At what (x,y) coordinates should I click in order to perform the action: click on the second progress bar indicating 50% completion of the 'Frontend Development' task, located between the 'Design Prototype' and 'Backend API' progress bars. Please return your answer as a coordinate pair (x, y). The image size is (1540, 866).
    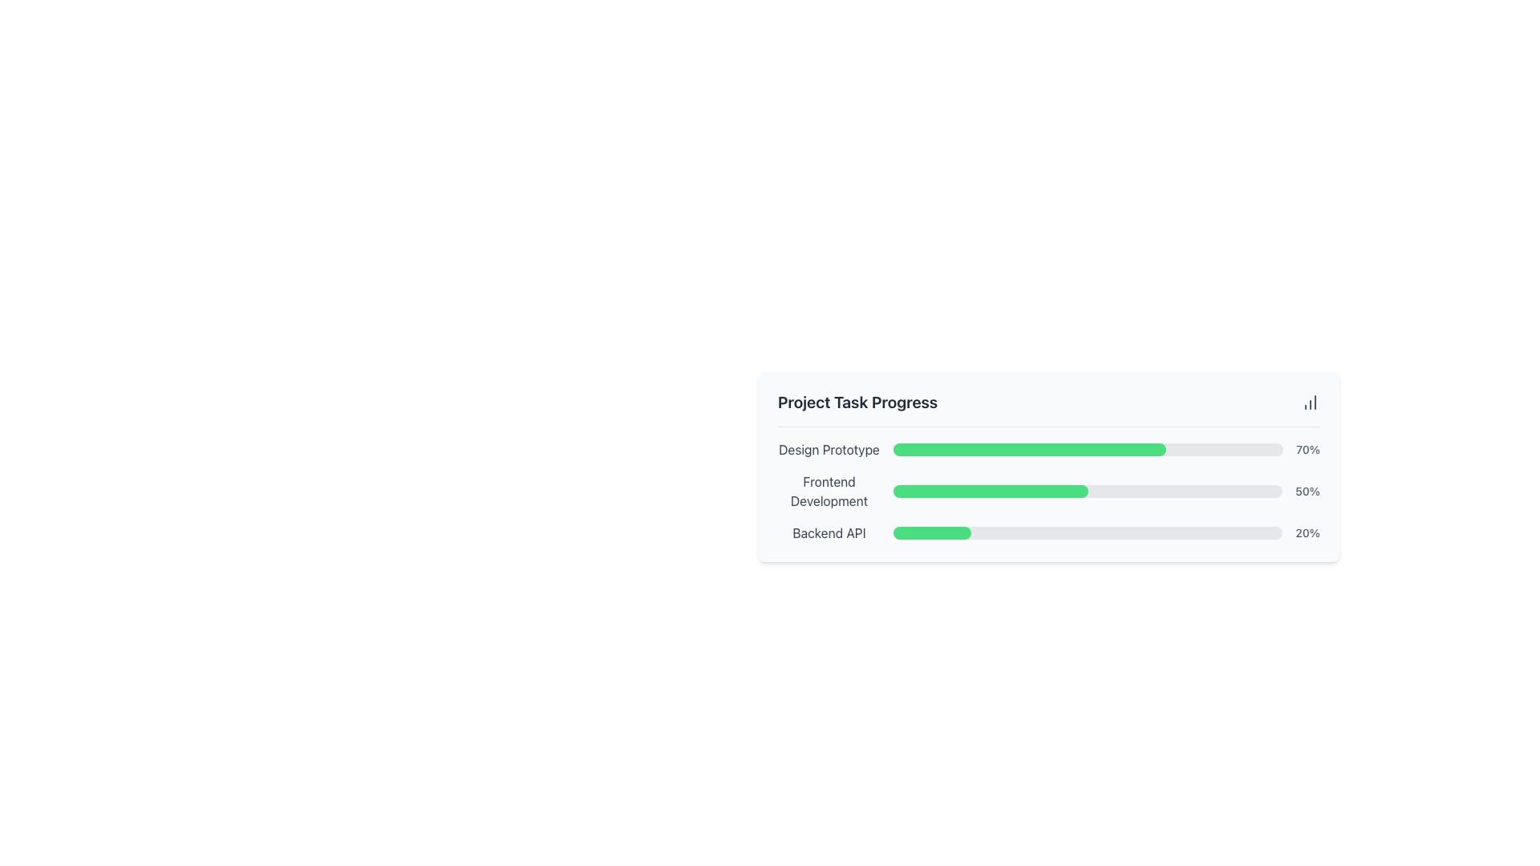
    Looking at the image, I should click on (990, 491).